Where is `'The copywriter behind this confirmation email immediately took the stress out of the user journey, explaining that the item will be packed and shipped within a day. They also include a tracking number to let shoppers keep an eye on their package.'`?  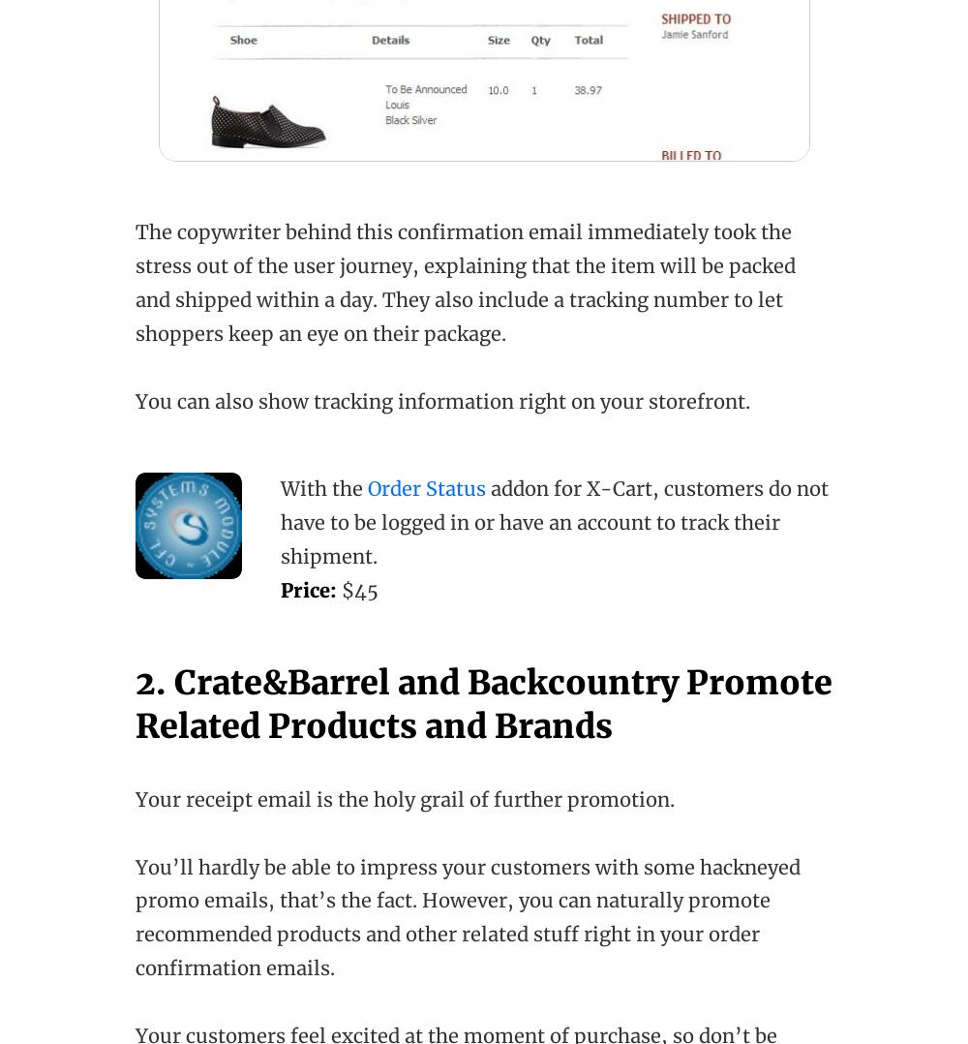
'The copywriter behind this confirmation email immediately took the stress out of the user journey, explaining that the item will be packed and shipped within a day. They also include a tracking number to let shoppers keep an eye on their package.' is located at coordinates (465, 283).